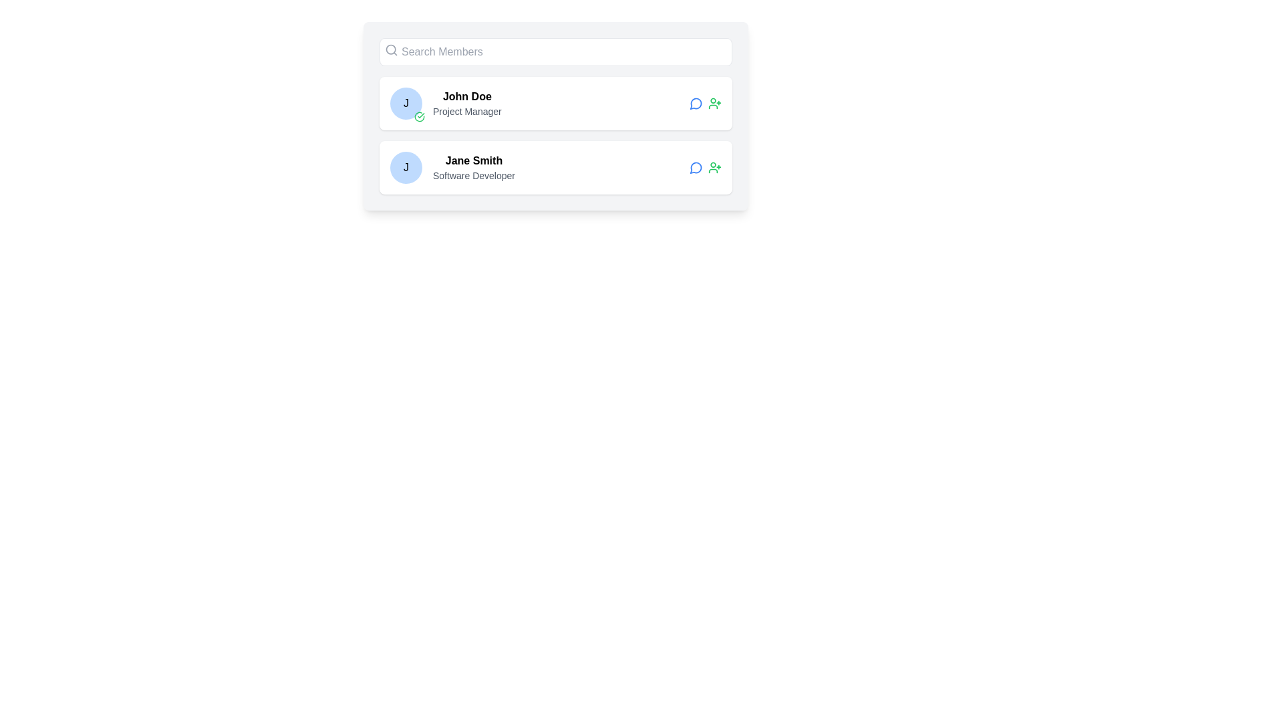 The image size is (1283, 722). Describe the element at coordinates (467, 110) in the screenshot. I see `the static text label displaying the role or position associated with 'John Doe' in the member directory, located below the name within the first profile card` at that location.